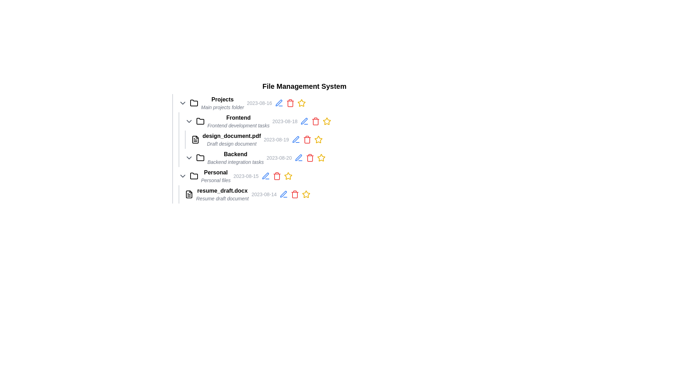 The height and width of the screenshot is (379, 675). Describe the element at coordinates (301, 103) in the screenshot. I see `the icon to mark the 'Projects' folder as a favorite, located at the right side of the row corresponding to the 'Projects' folder` at that location.